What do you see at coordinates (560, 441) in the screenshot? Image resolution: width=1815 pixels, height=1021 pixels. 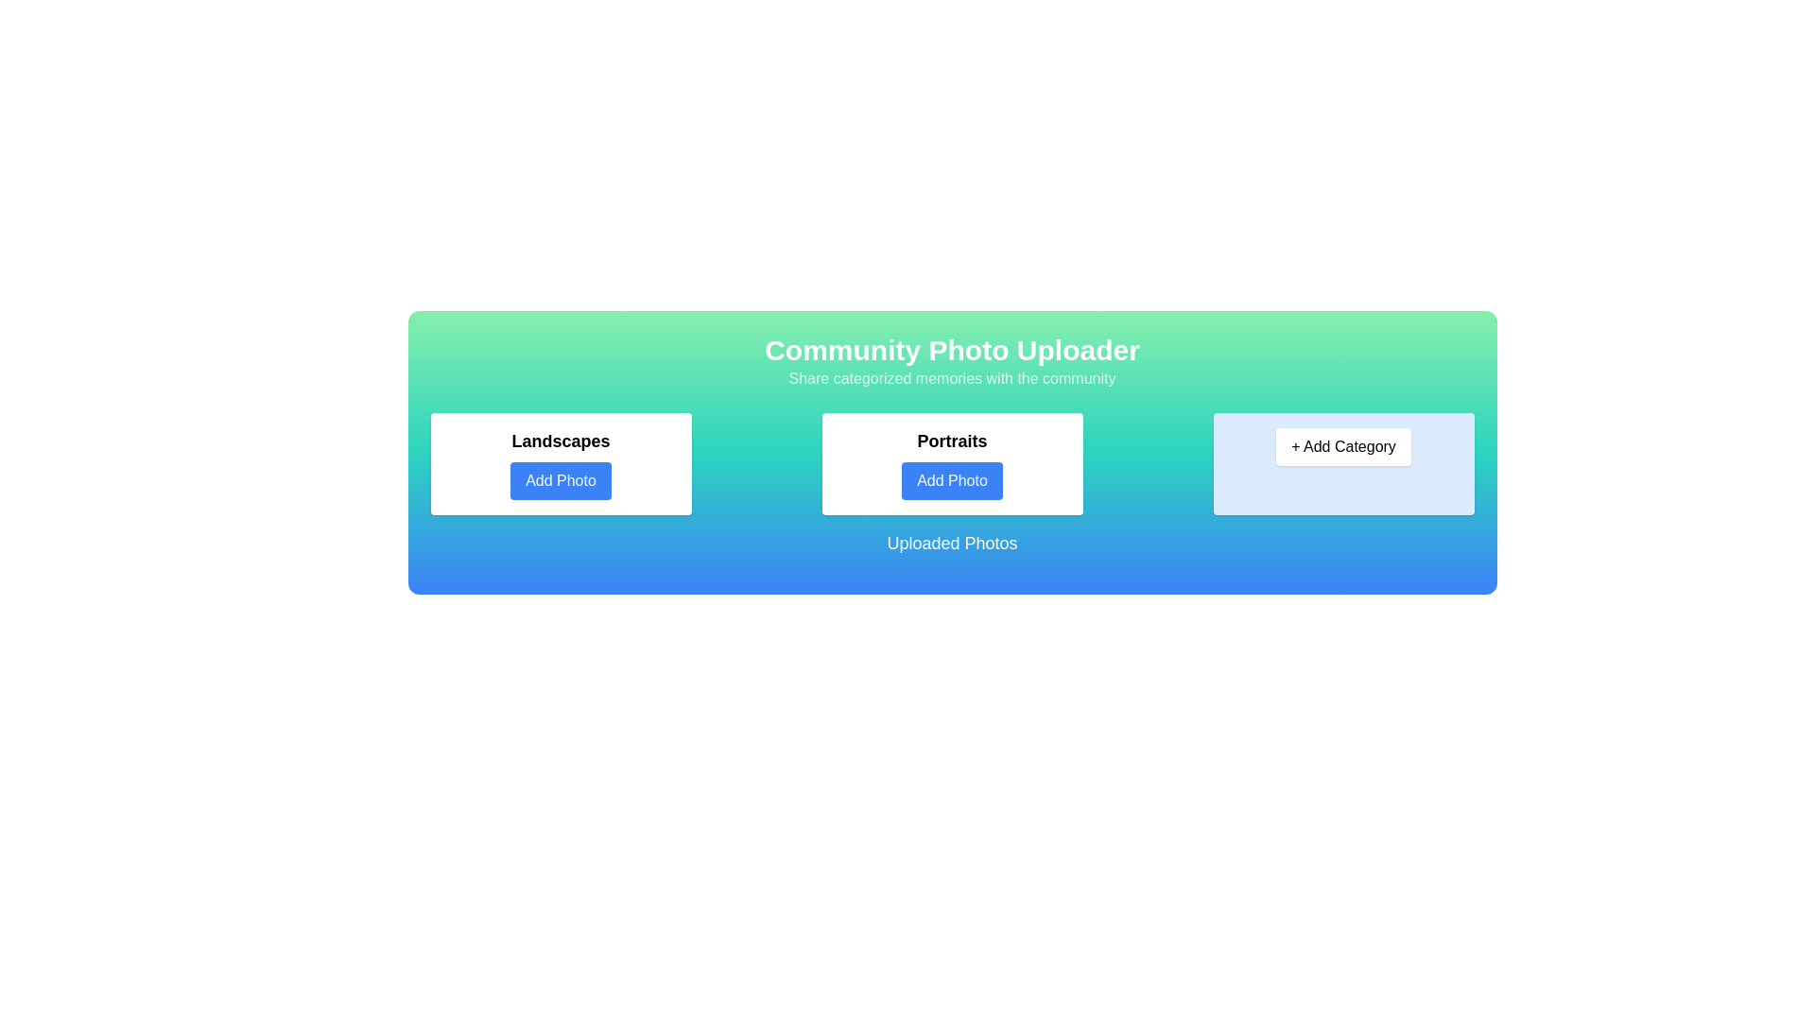 I see `Text Label indicating the thematic category 'Landscapes', located at the top-center of the photo upload card` at bounding box center [560, 441].